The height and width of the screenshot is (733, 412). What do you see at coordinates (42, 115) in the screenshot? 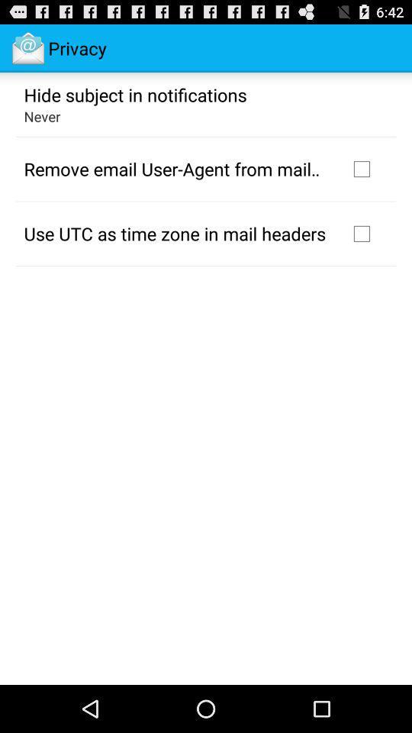
I see `never` at bounding box center [42, 115].